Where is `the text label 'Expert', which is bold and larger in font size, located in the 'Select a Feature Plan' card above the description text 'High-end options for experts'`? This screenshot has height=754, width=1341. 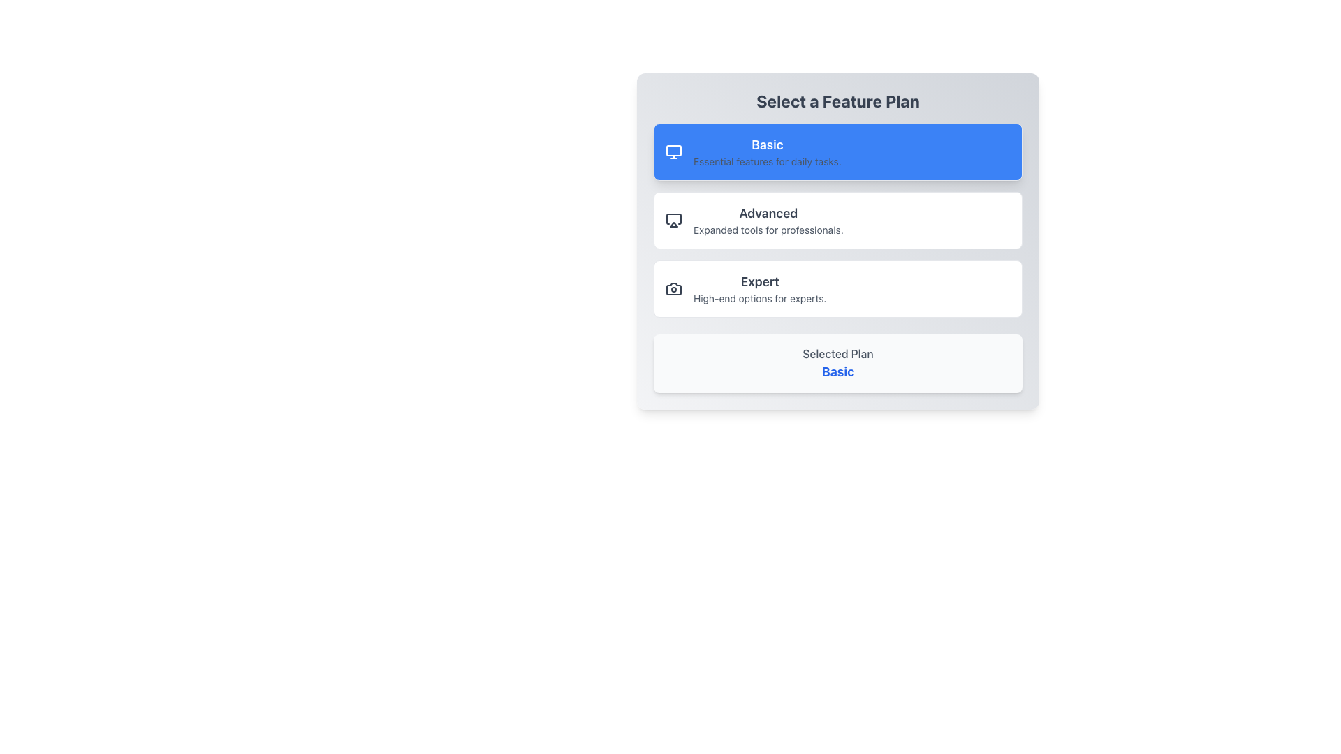 the text label 'Expert', which is bold and larger in font size, located in the 'Select a Feature Plan' card above the description text 'High-end options for experts' is located at coordinates (759, 282).